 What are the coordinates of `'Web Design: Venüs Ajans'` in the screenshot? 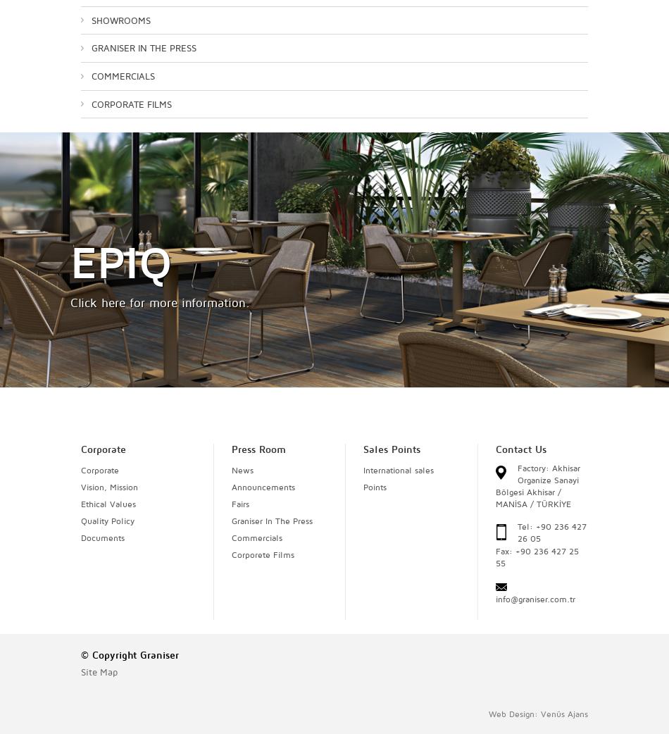 It's located at (537, 713).